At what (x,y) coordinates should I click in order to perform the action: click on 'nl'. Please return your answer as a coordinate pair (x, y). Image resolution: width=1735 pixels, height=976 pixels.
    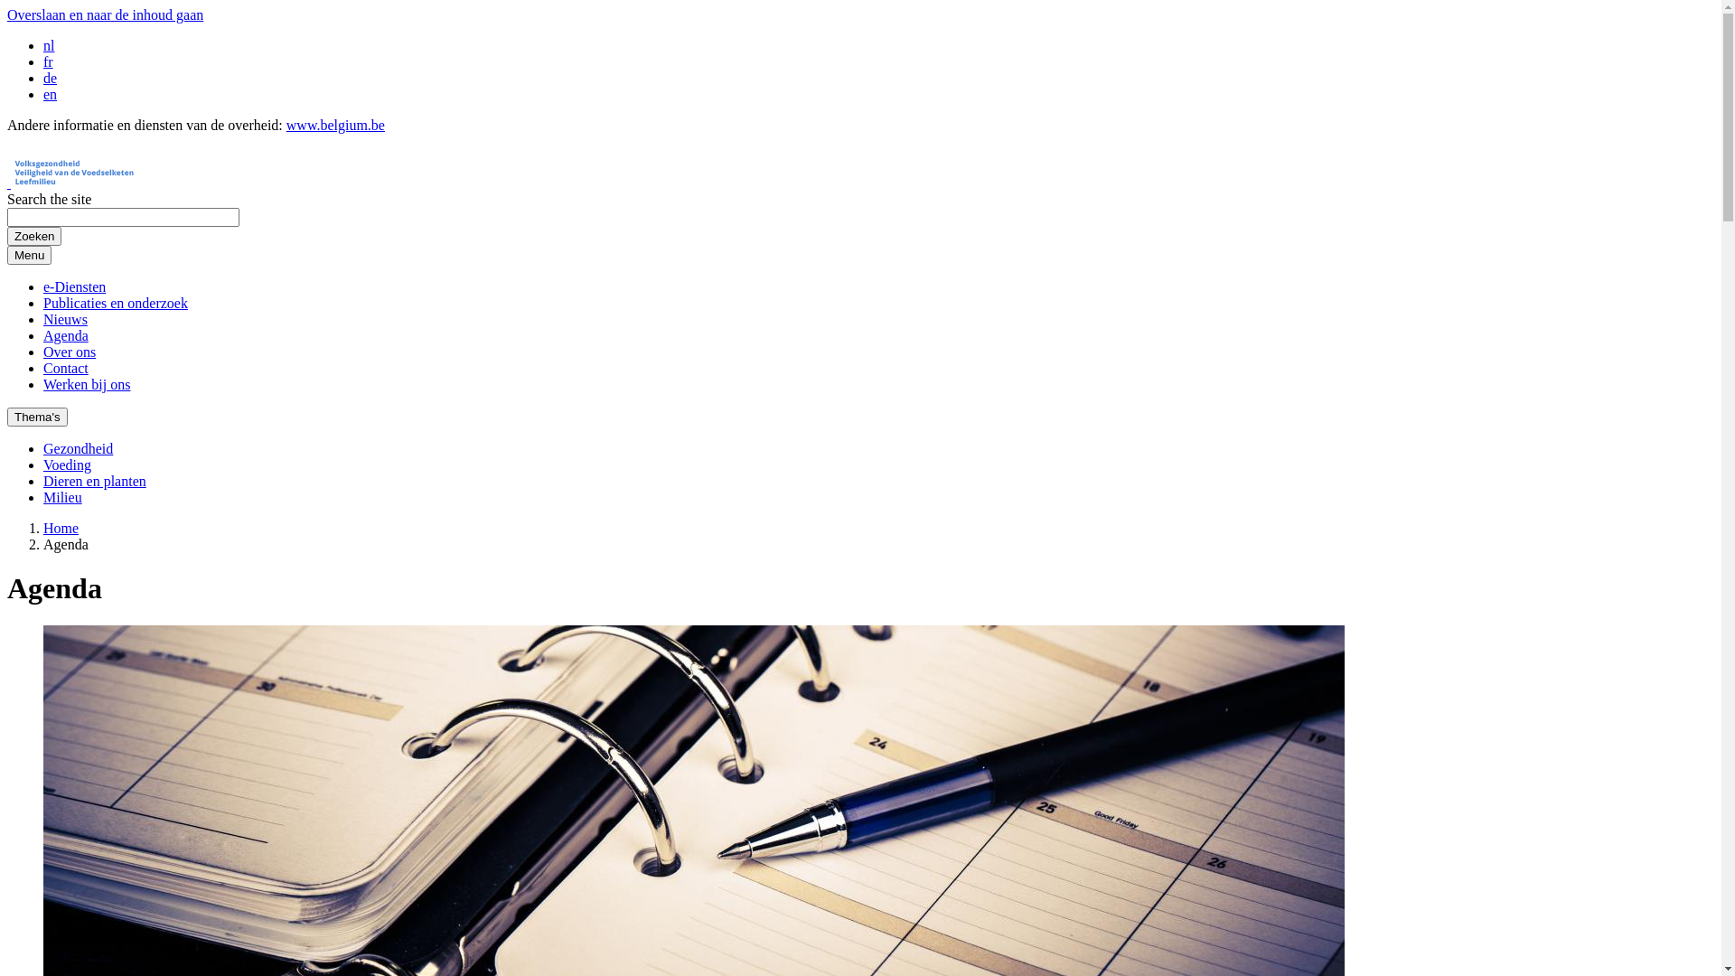
    Looking at the image, I should click on (48, 44).